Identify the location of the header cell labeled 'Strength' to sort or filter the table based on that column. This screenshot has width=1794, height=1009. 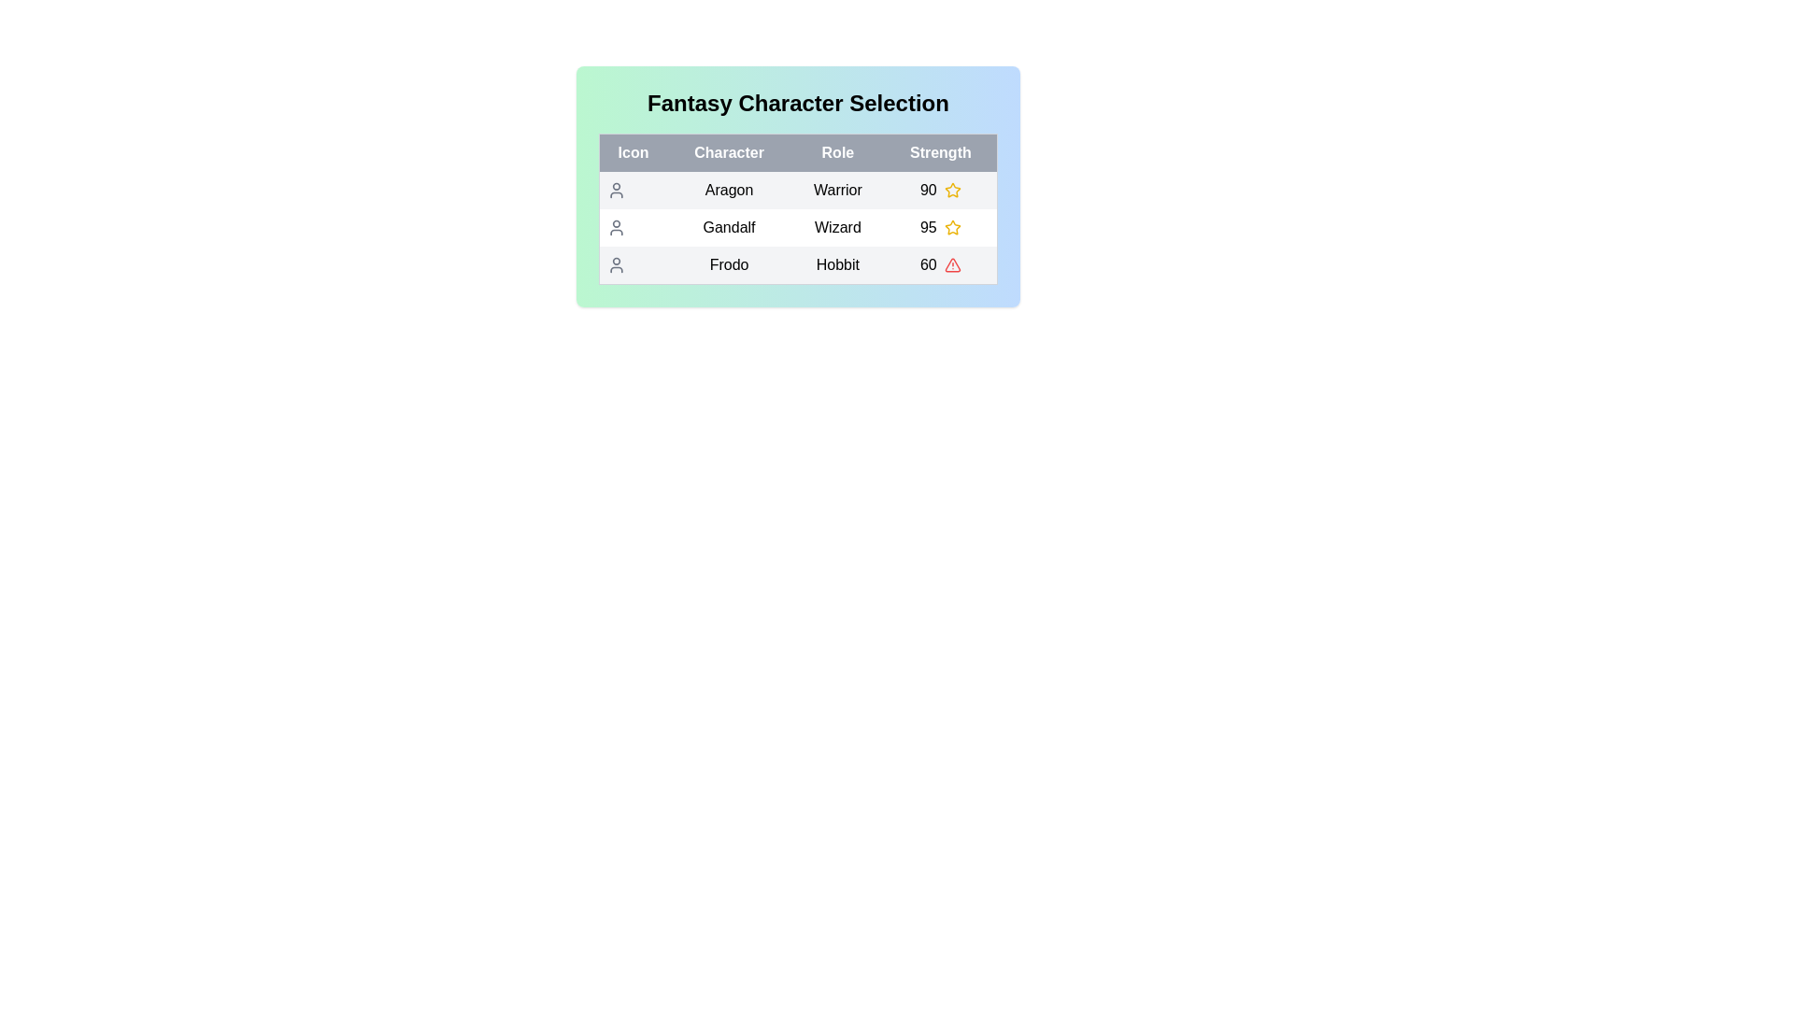
(941, 152).